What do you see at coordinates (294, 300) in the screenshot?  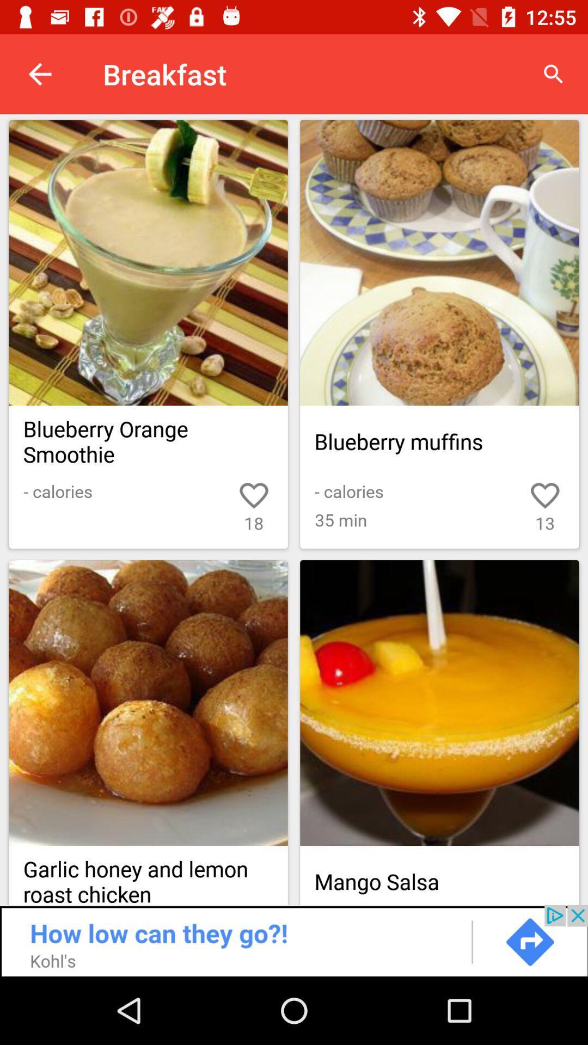 I see `open recipes` at bounding box center [294, 300].